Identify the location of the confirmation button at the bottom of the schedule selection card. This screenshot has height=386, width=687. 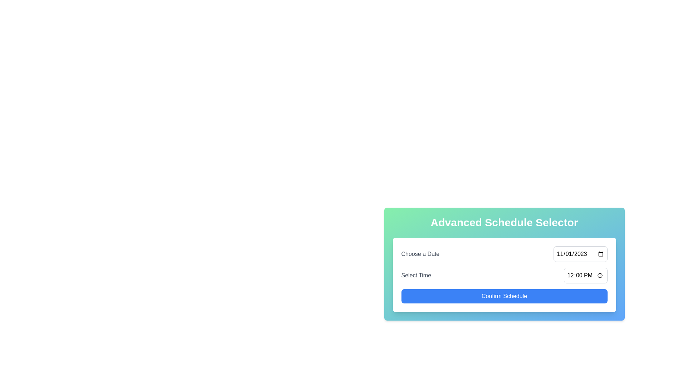
(504, 296).